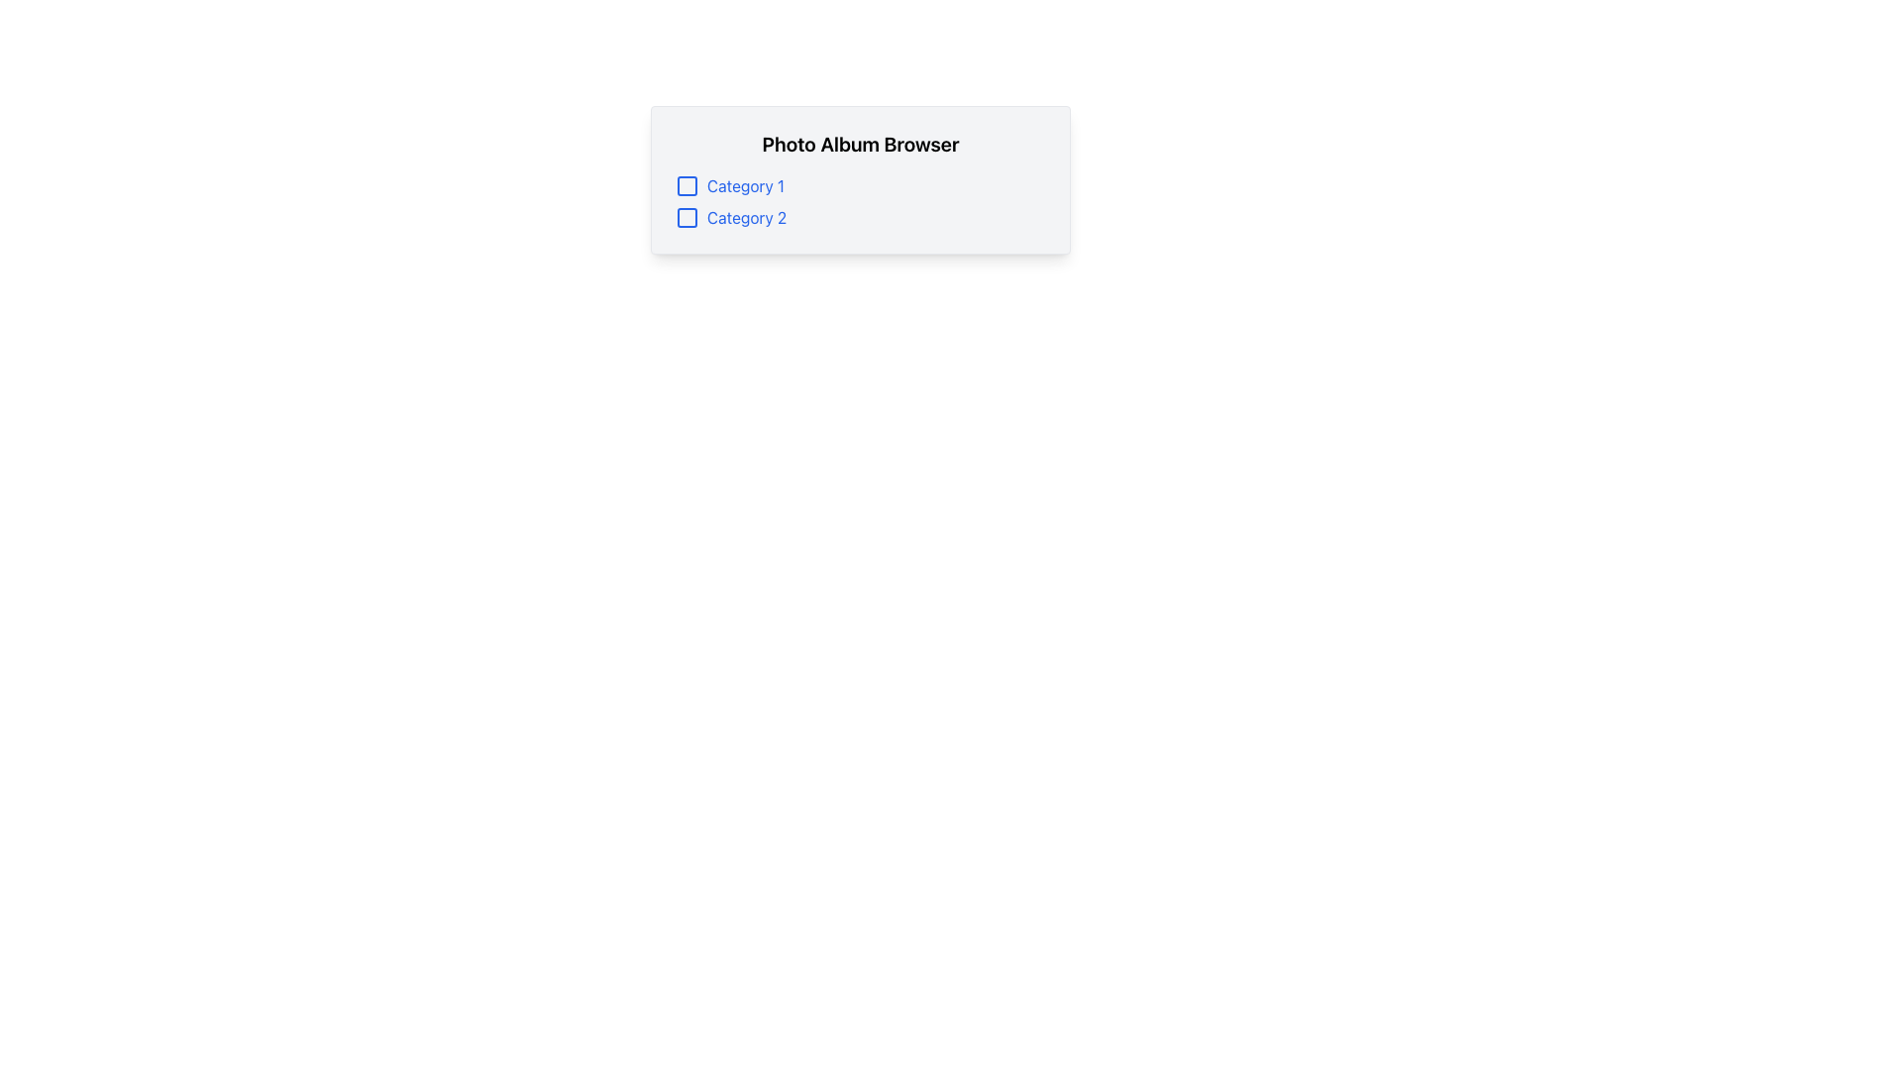 The width and height of the screenshot is (1902, 1070). I want to click on the interactive checkbox for 'Category 1' located next to its label in the top-left section of the dialog box beneath 'Photo Album Browser', so click(687, 186).